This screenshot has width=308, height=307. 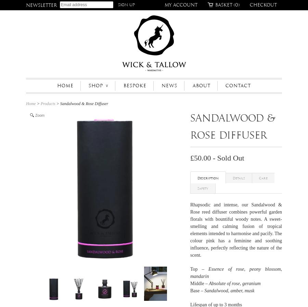 What do you see at coordinates (201, 85) in the screenshot?
I see `'ABOUT'` at bounding box center [201, 85].